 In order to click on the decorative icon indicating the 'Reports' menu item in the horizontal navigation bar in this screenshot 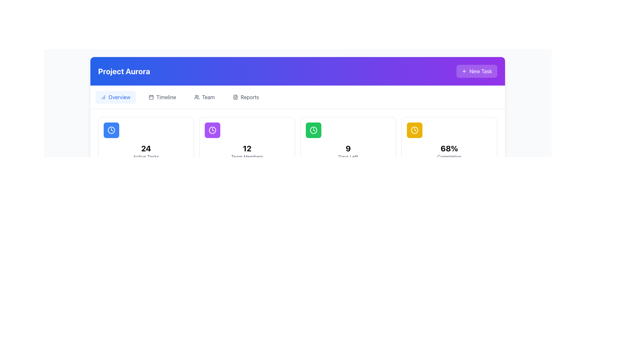, I will do `click(235, 97)`.